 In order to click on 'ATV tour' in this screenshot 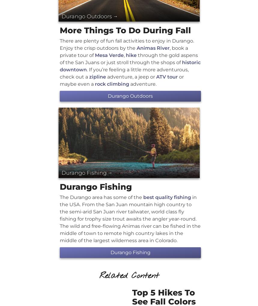, I will do `click(167, 76)`.